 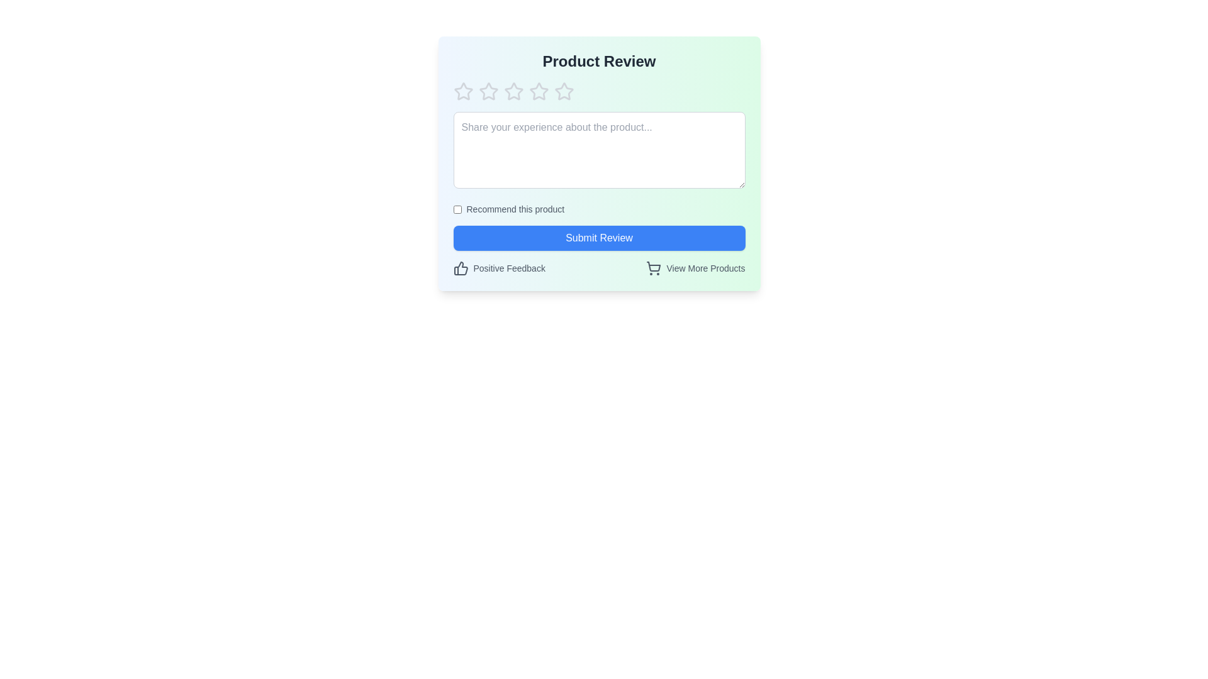 I want to click on the star representing 3 stars to preview the rating, so click(x=513, y=91).